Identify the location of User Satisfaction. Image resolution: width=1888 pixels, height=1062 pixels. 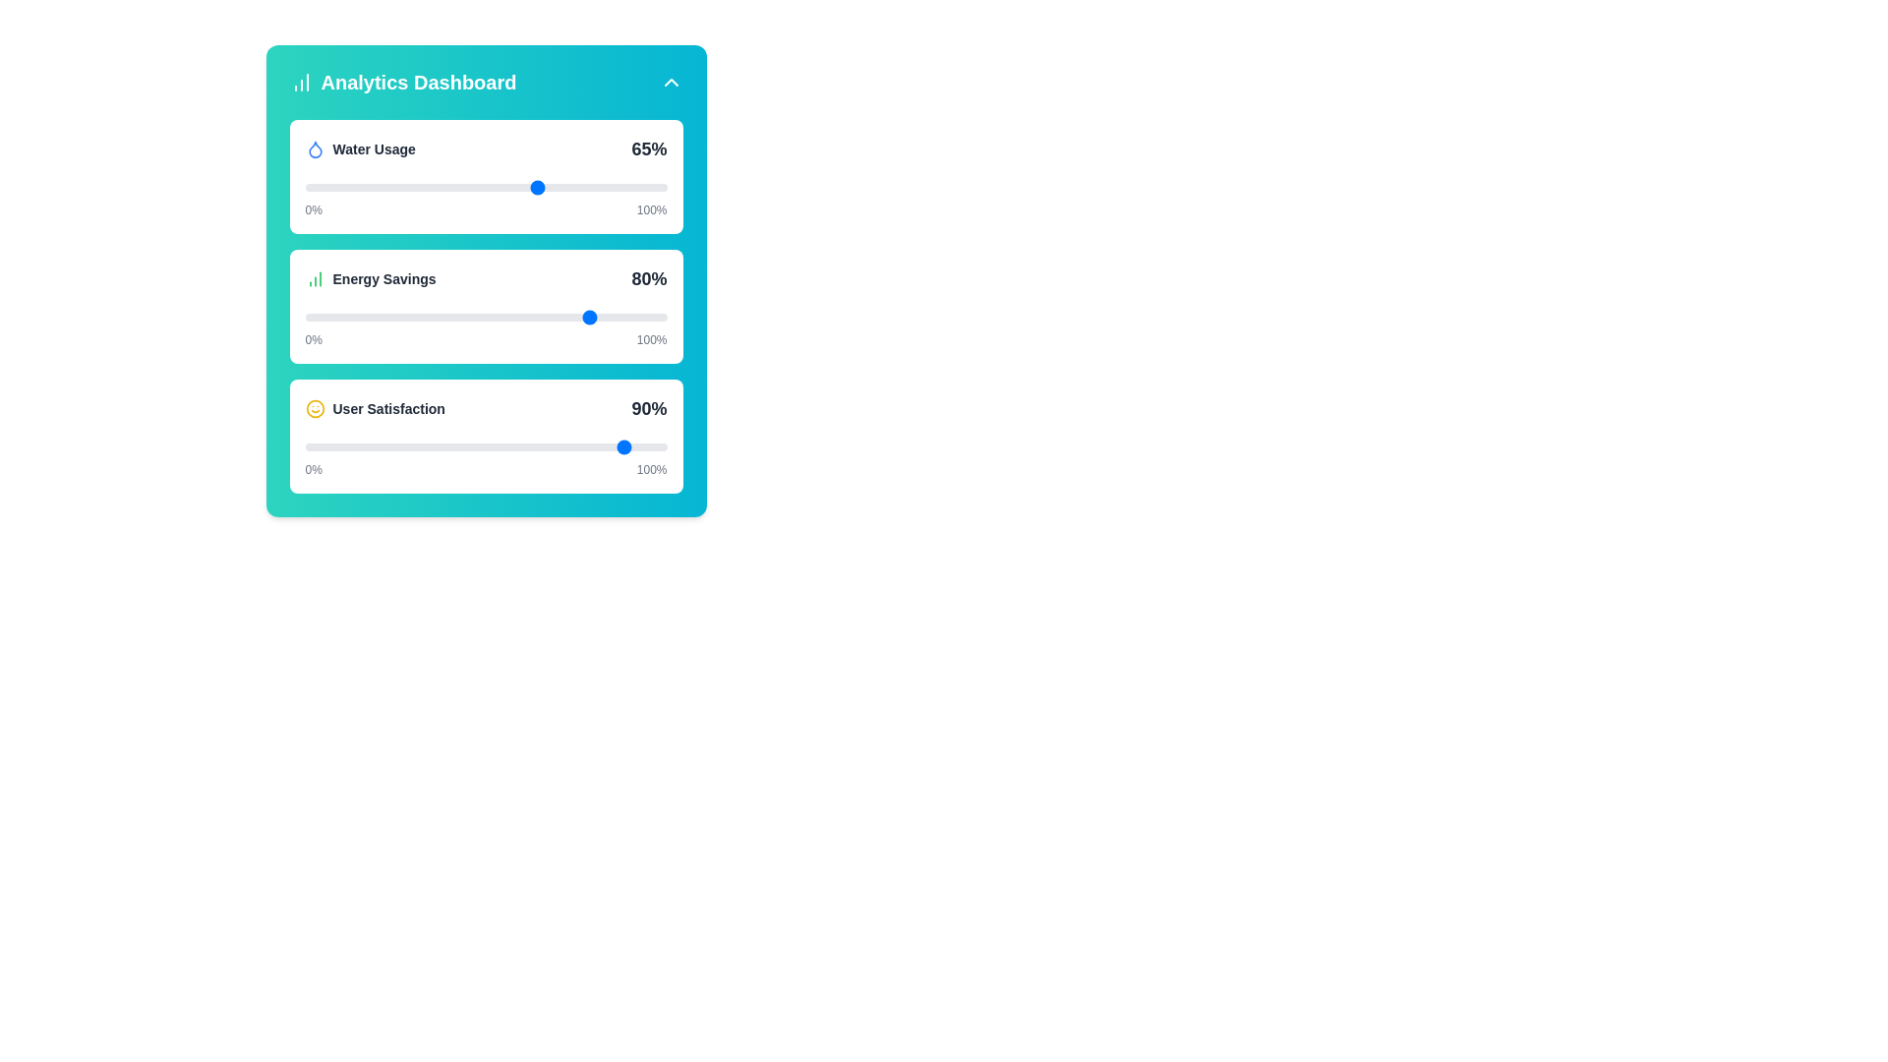
(367, 447).